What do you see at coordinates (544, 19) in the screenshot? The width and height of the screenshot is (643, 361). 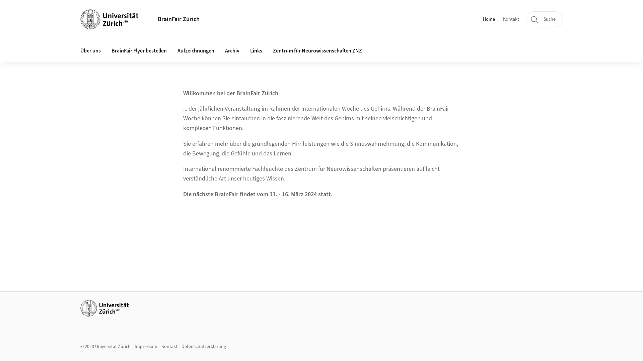 I see `'Suche'` at bounding box center [544, 19].